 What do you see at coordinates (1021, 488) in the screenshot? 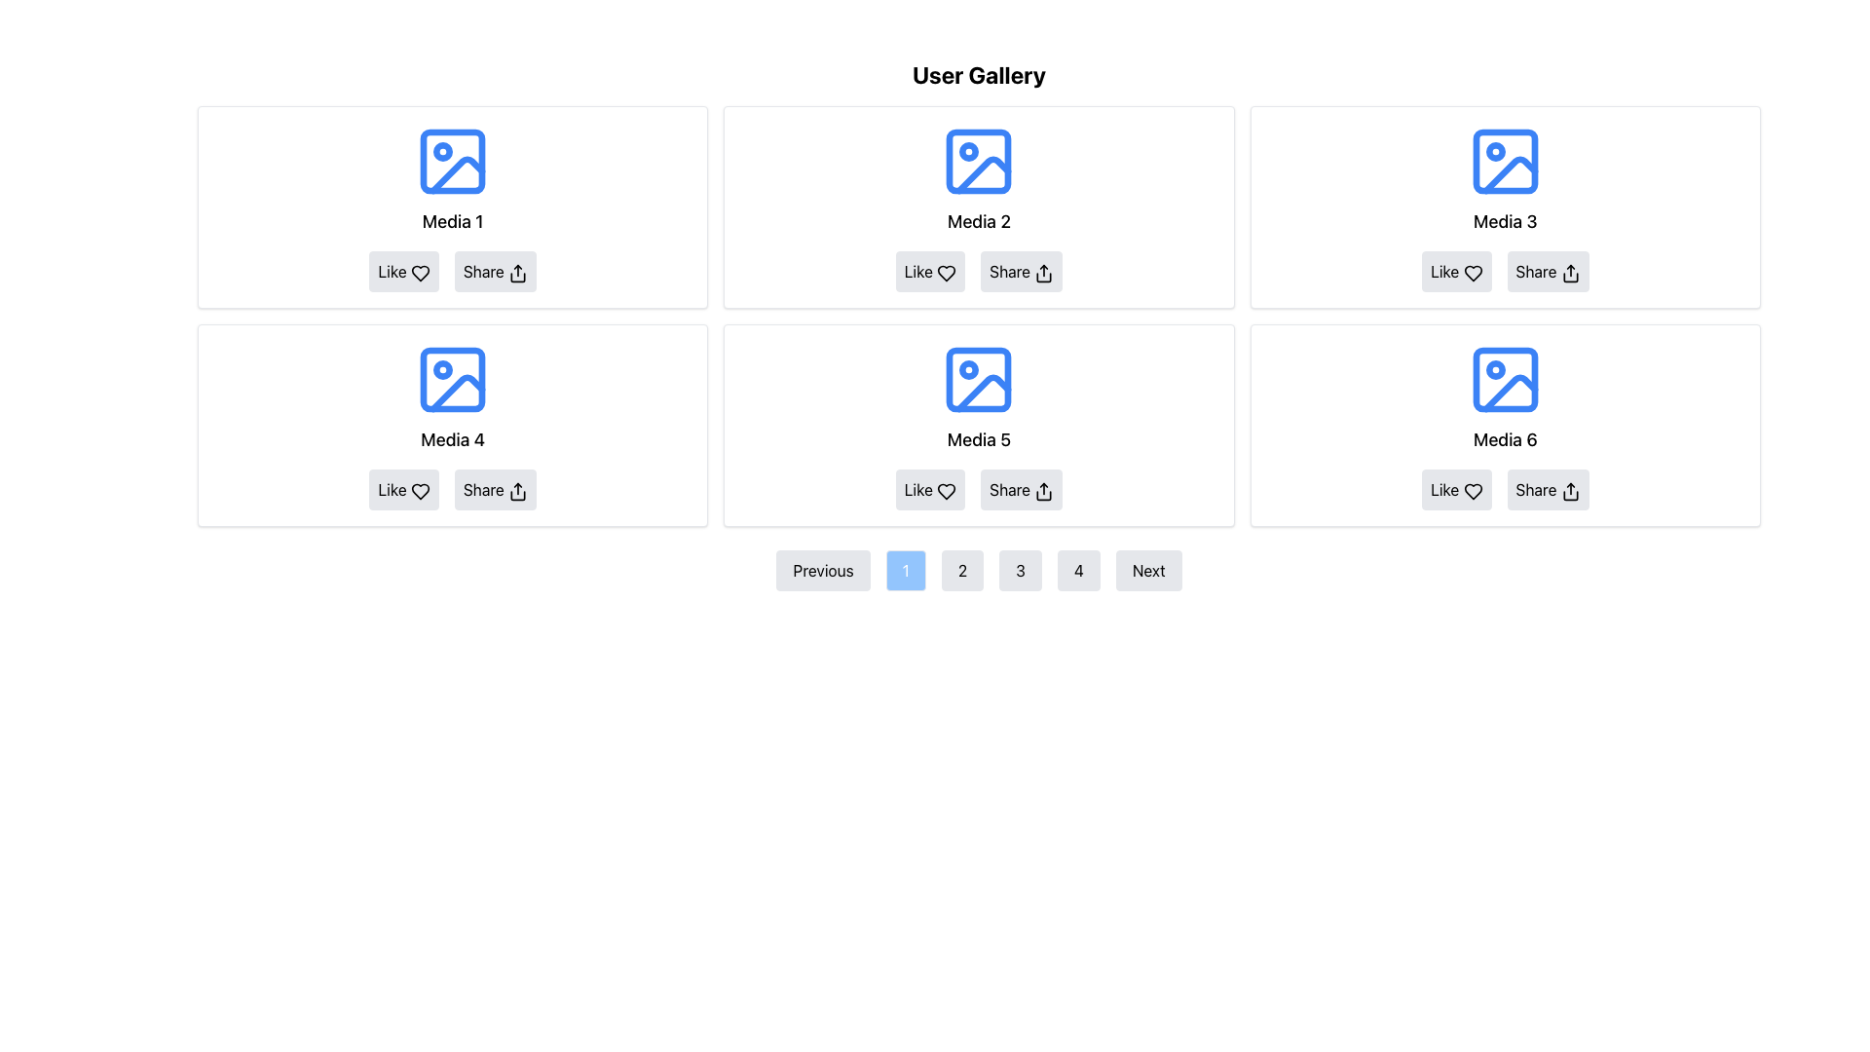
I see `the 'Share' button located at the lower-right corner of the 'Media 5' card to share the media` at bounding box center [1021, 488].